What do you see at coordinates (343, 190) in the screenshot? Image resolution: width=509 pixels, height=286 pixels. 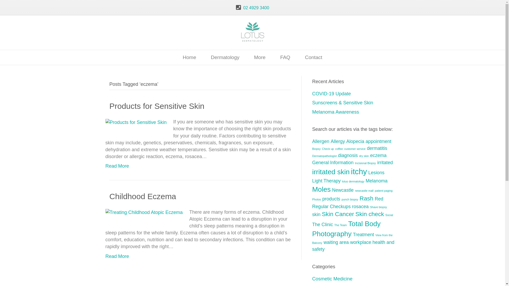 I see `'Newcastle'` at bounding box center [343, 190].